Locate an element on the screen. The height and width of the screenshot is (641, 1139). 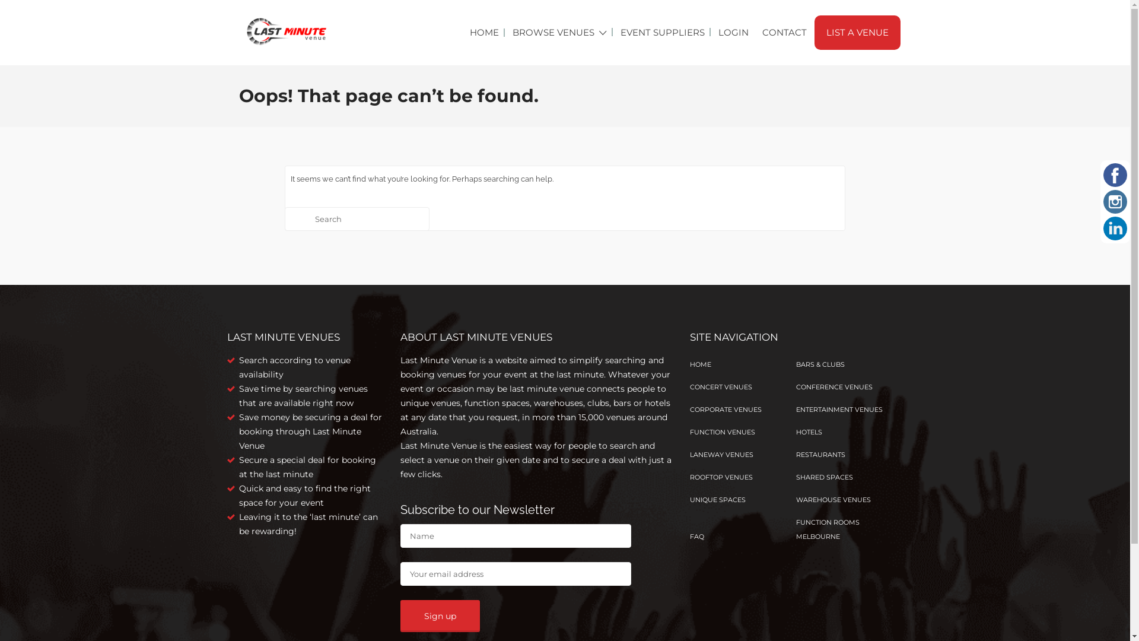
'FUNCTION ROOMS MELBOURNE' is located at coordinates (827, 528).